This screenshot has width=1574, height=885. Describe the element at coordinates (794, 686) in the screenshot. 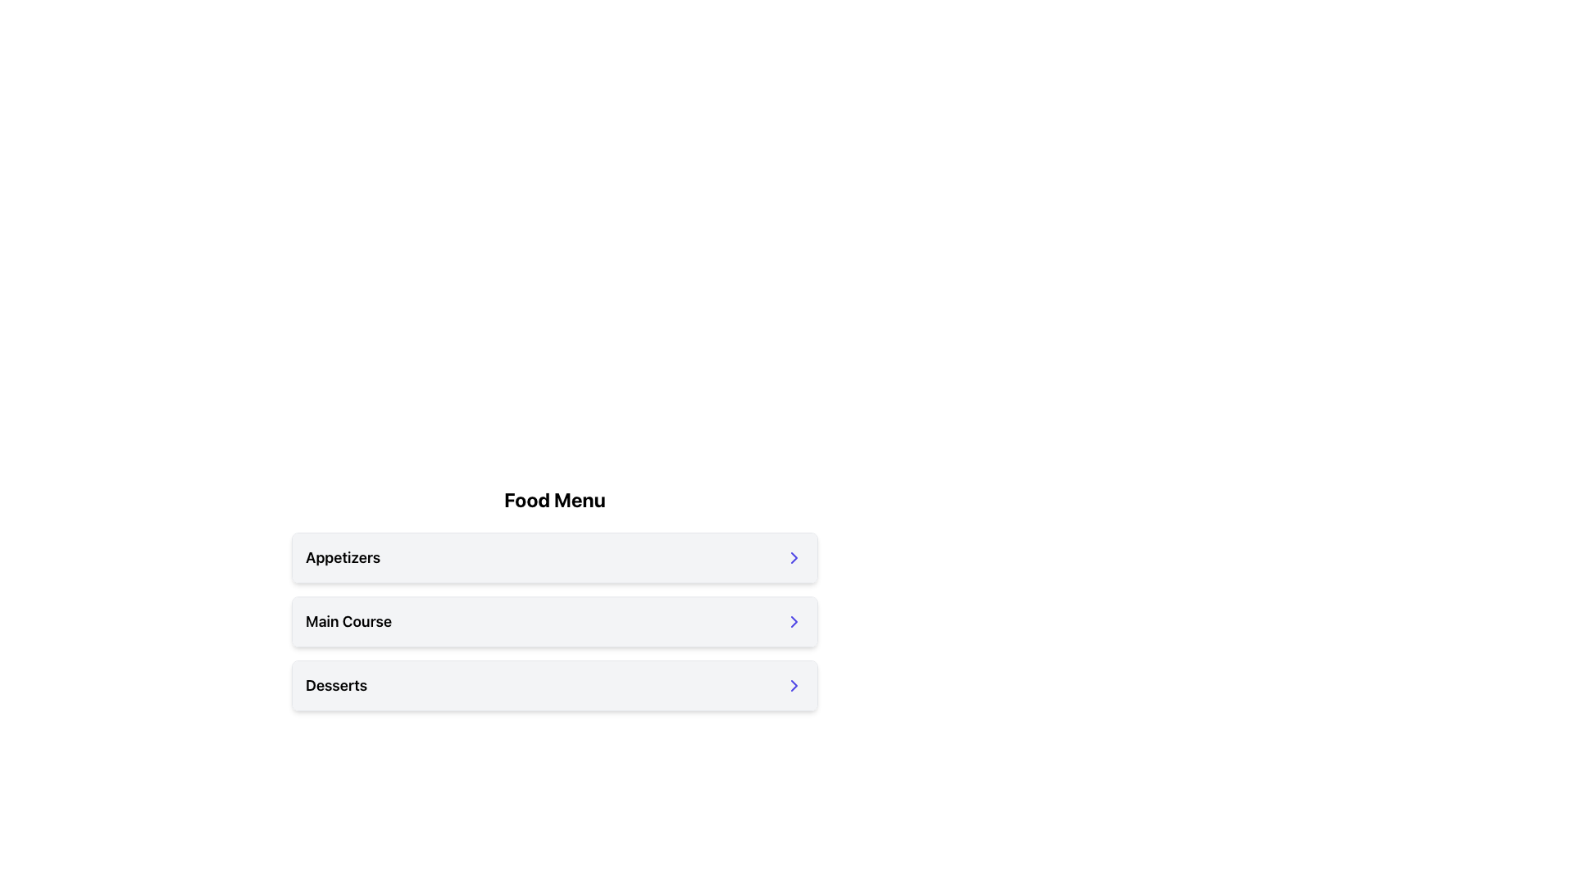

I see `the arrow icon located in the 'Desserts' section of the 'Food Menu'` at that location.